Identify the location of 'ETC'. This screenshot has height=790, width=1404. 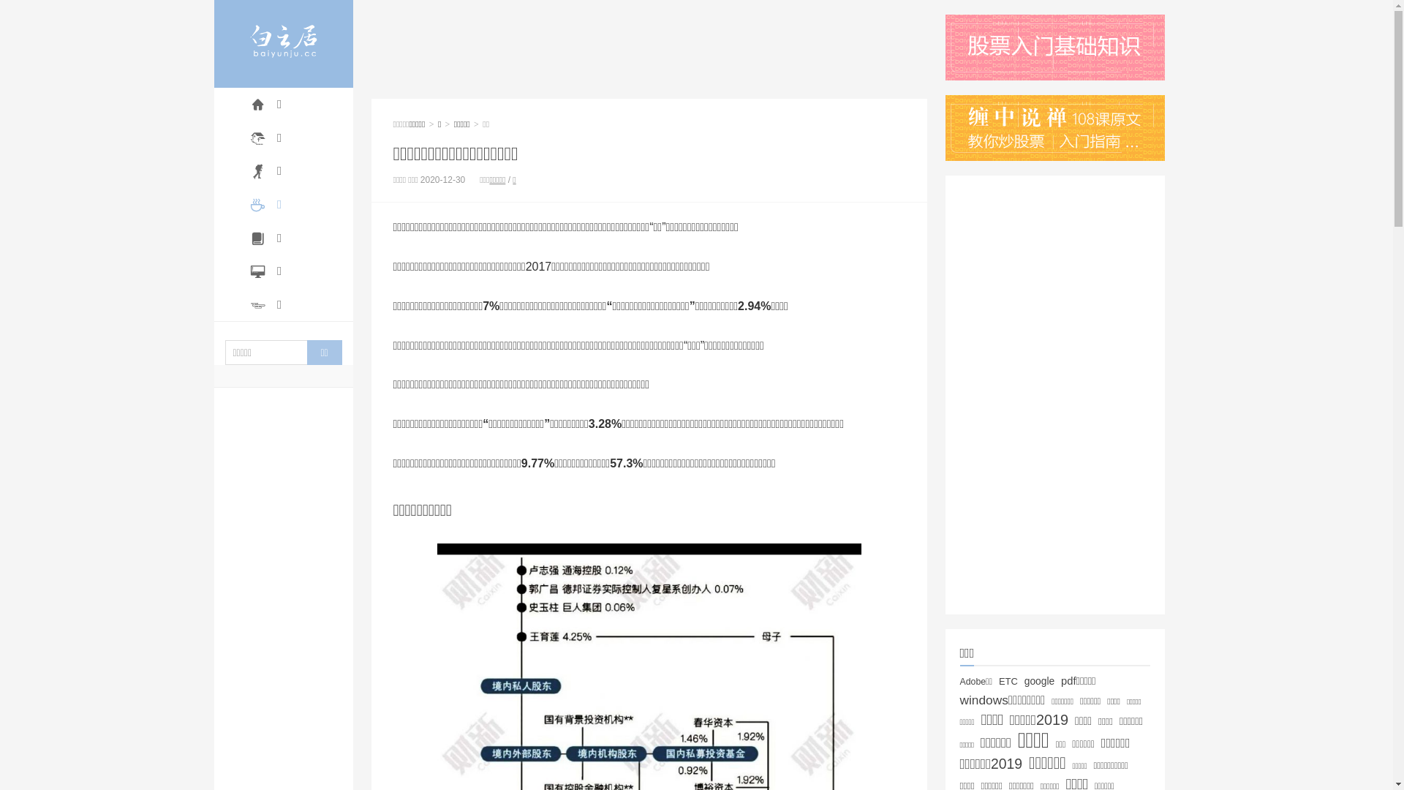
(1007, 682).